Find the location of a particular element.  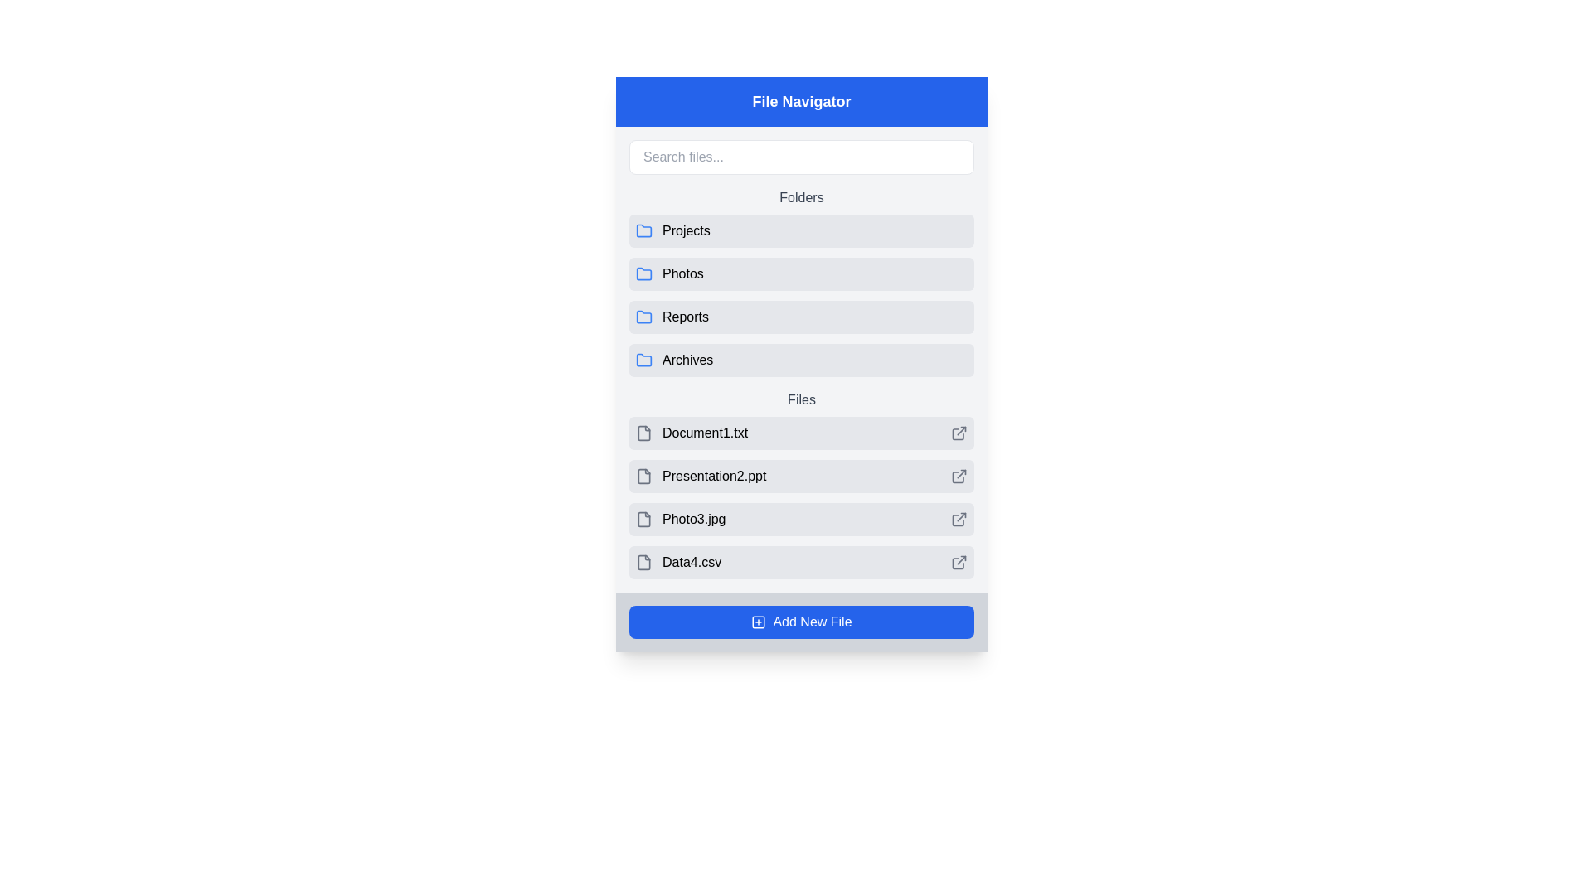

the List Item labeled 'Presentation2.ppt', which has a light gray background and rounded corners, to rename the file is located at coordinates (801, 485).